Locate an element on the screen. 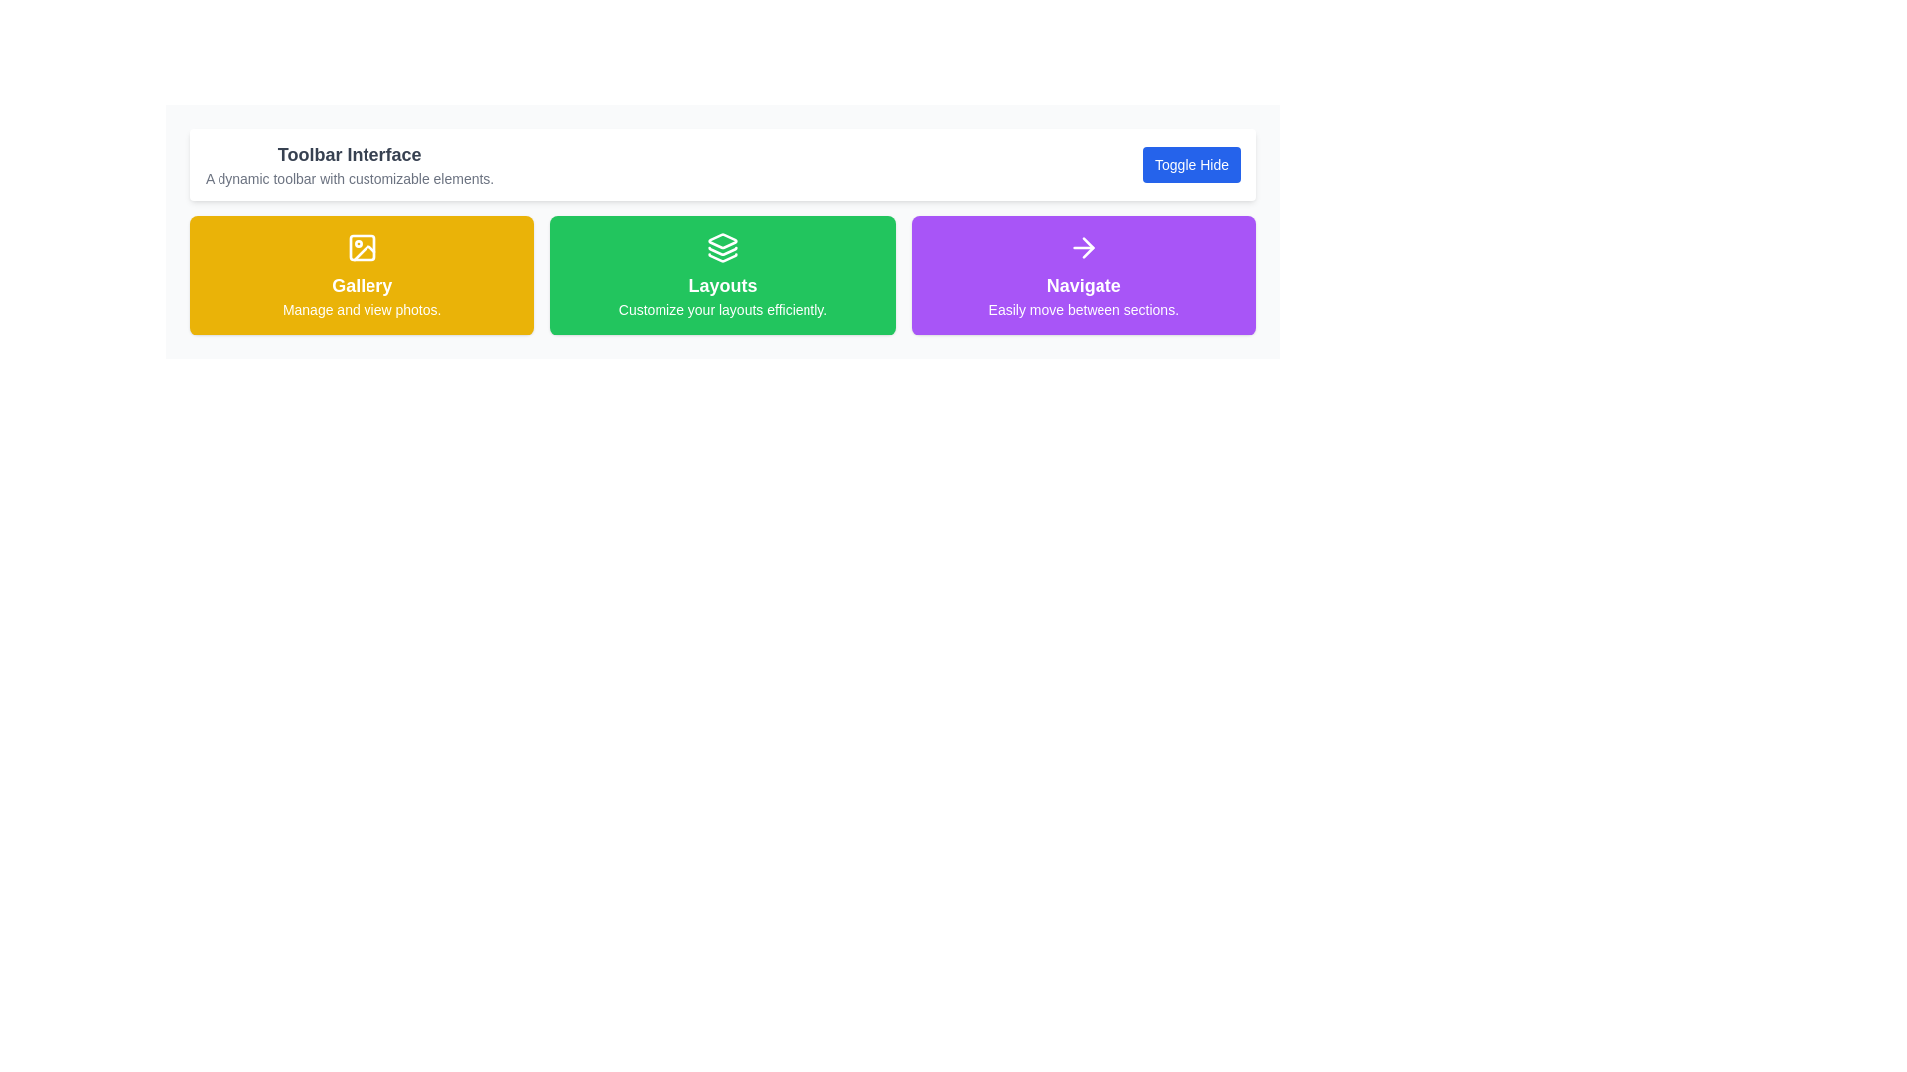 The image size is (1907, 1072). the 'Gallery' text label, which is located at the top center of the first yellow rectangular card in a set of three cards, to manage and view photos is located at coordinates (362, 286).